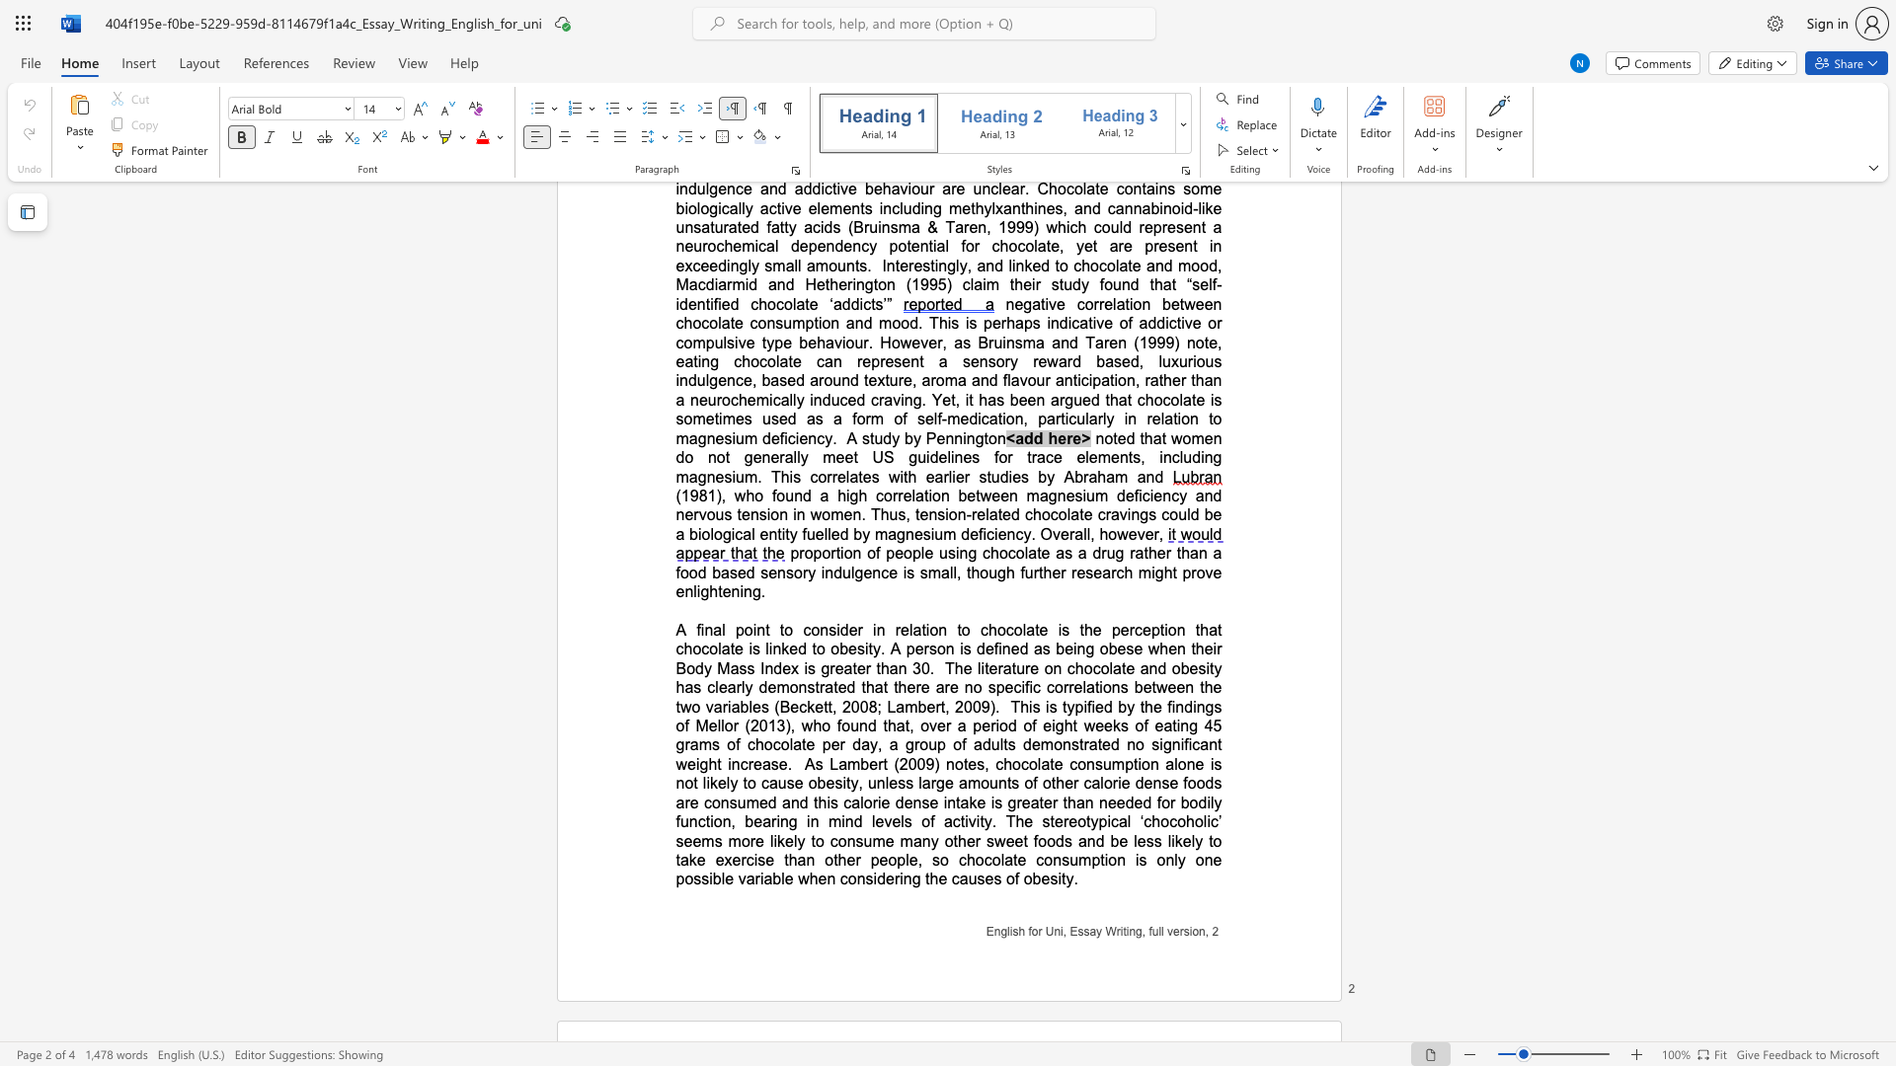  What do you see at coordinates (945, 763) in the screenshot?
I see `the subset text "notes, chocolate consumption alone is not likely to ca" within the text "As Lambert (2009) notes, chocolate consumption alone is not likely to cause obesity, unless"` at bounding box center [945, 763].